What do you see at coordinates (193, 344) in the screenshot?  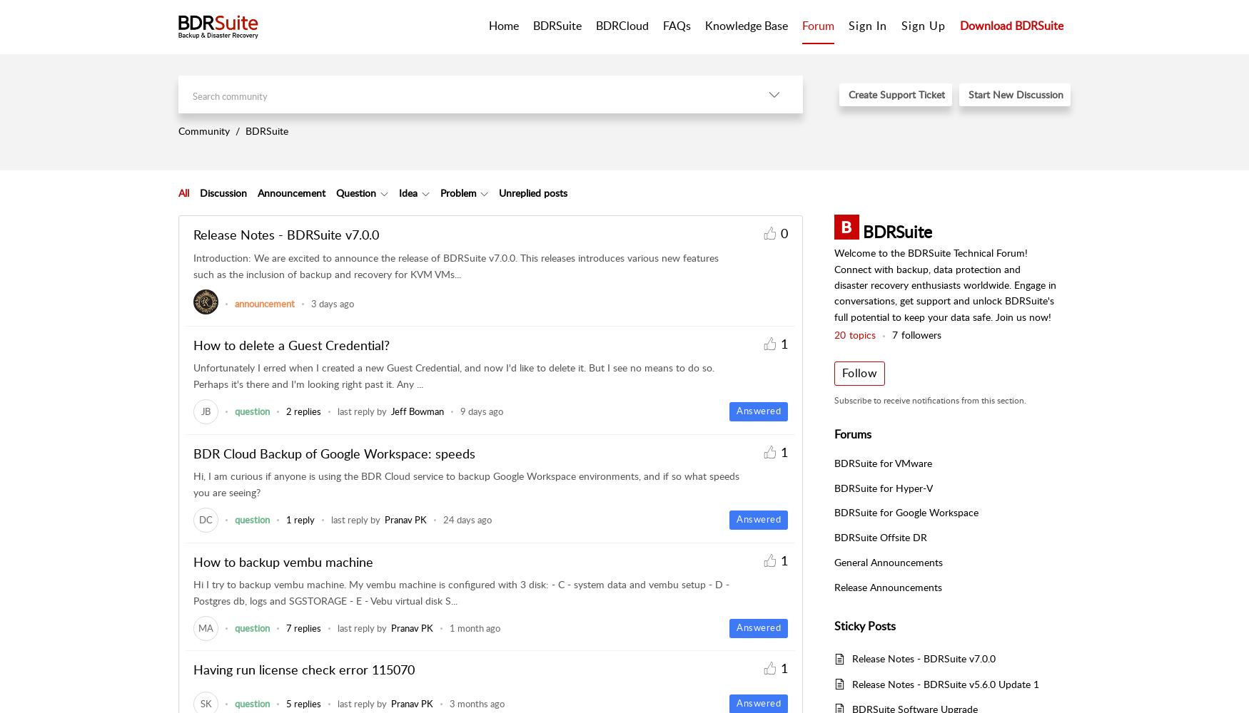 I see `'How to delete a Guest Credential?'` at bounding box center [193, 344].